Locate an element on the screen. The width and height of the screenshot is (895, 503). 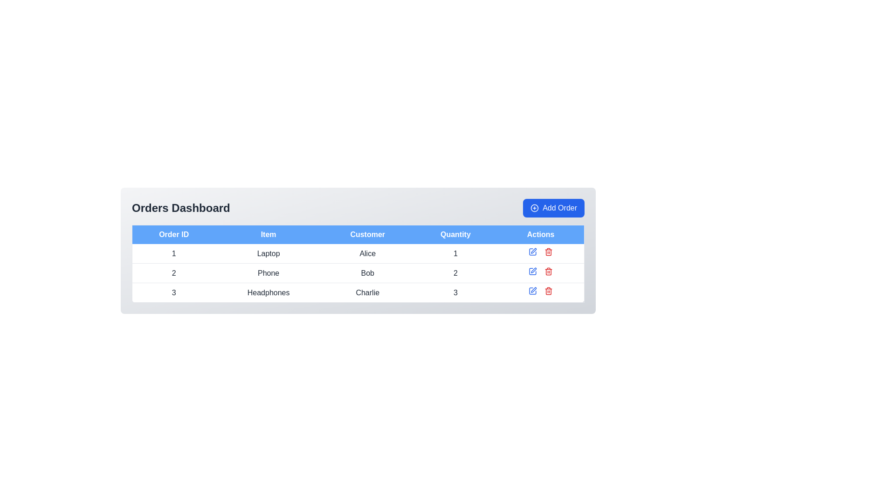
the vertical line-like shape within the trash can icon located under the 'Actions' column in the last row of the data table is located at coordinates (549, 291).